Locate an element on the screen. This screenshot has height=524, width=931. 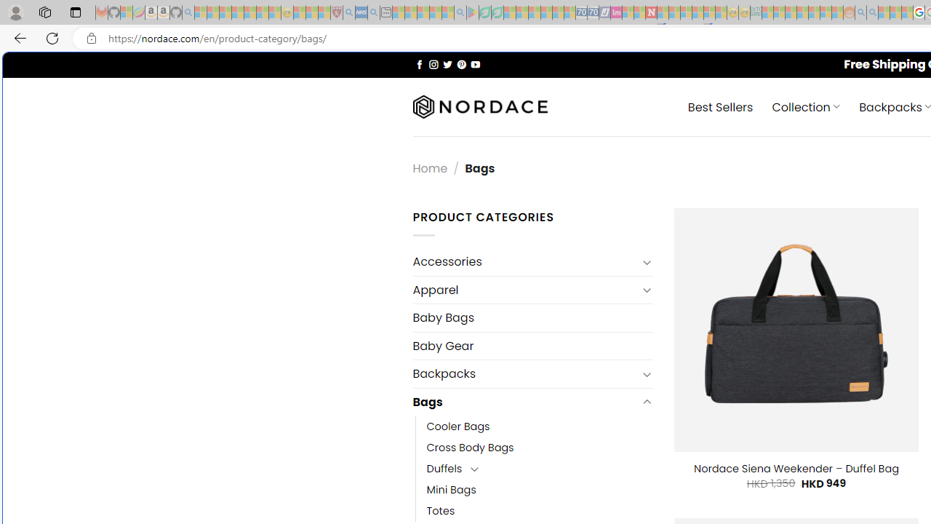
'Follow on Twitter' is located at coordinates (447, 63).